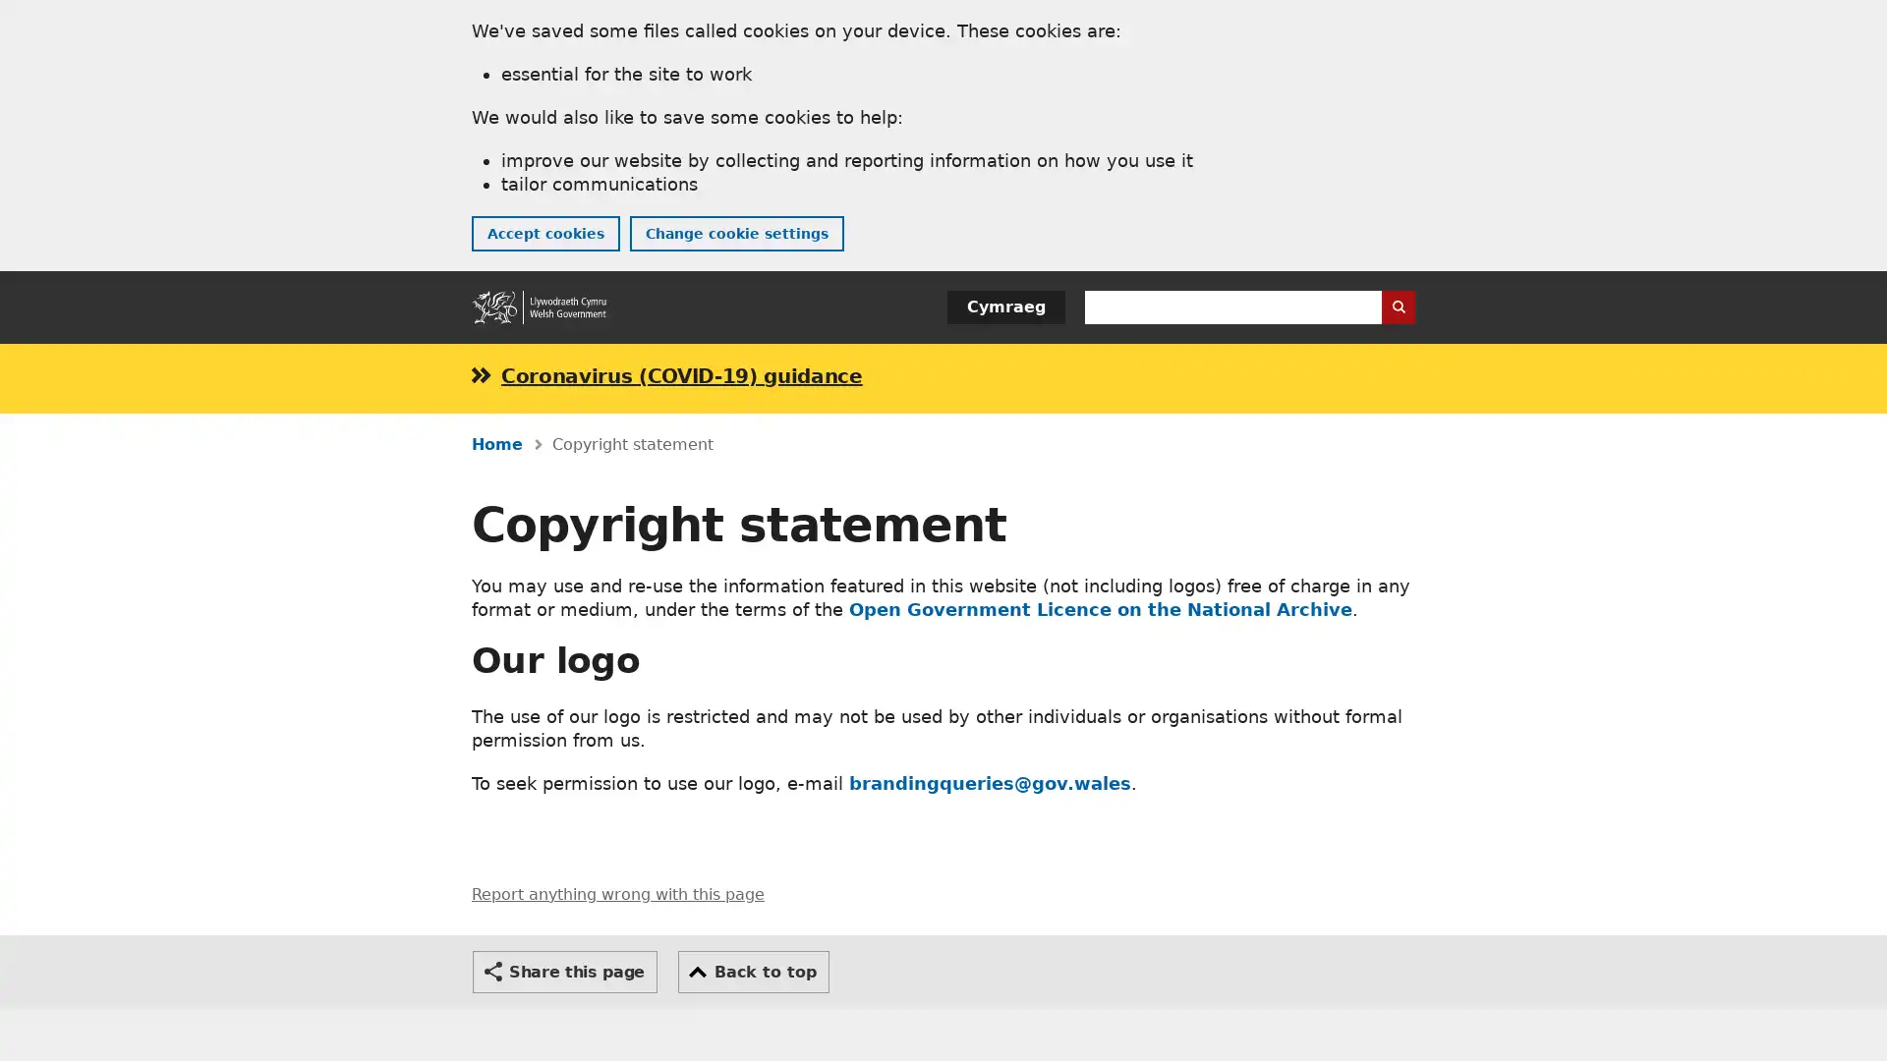 The width and height of the screenshot is (1887, 1061). I want to click on Search website, so click(1397, 307).